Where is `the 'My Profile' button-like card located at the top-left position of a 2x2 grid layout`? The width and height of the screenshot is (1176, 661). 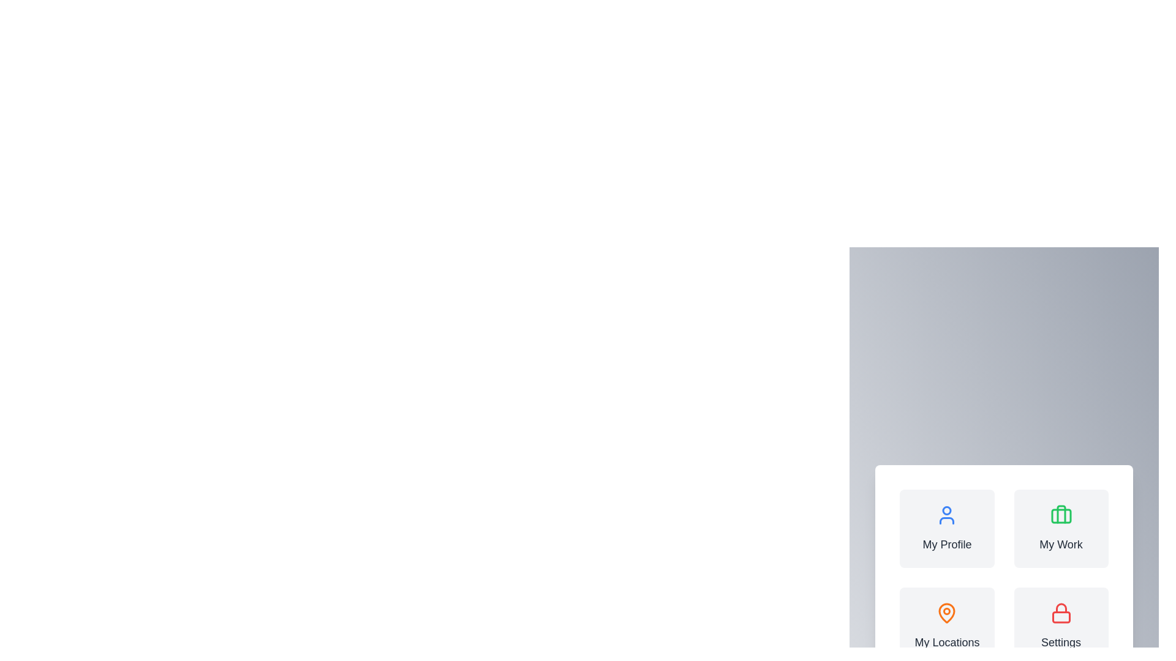 the 'My Profile' button-like card located at the top-left position of a 2x2 grid layout is located at coordinates (946, 528).